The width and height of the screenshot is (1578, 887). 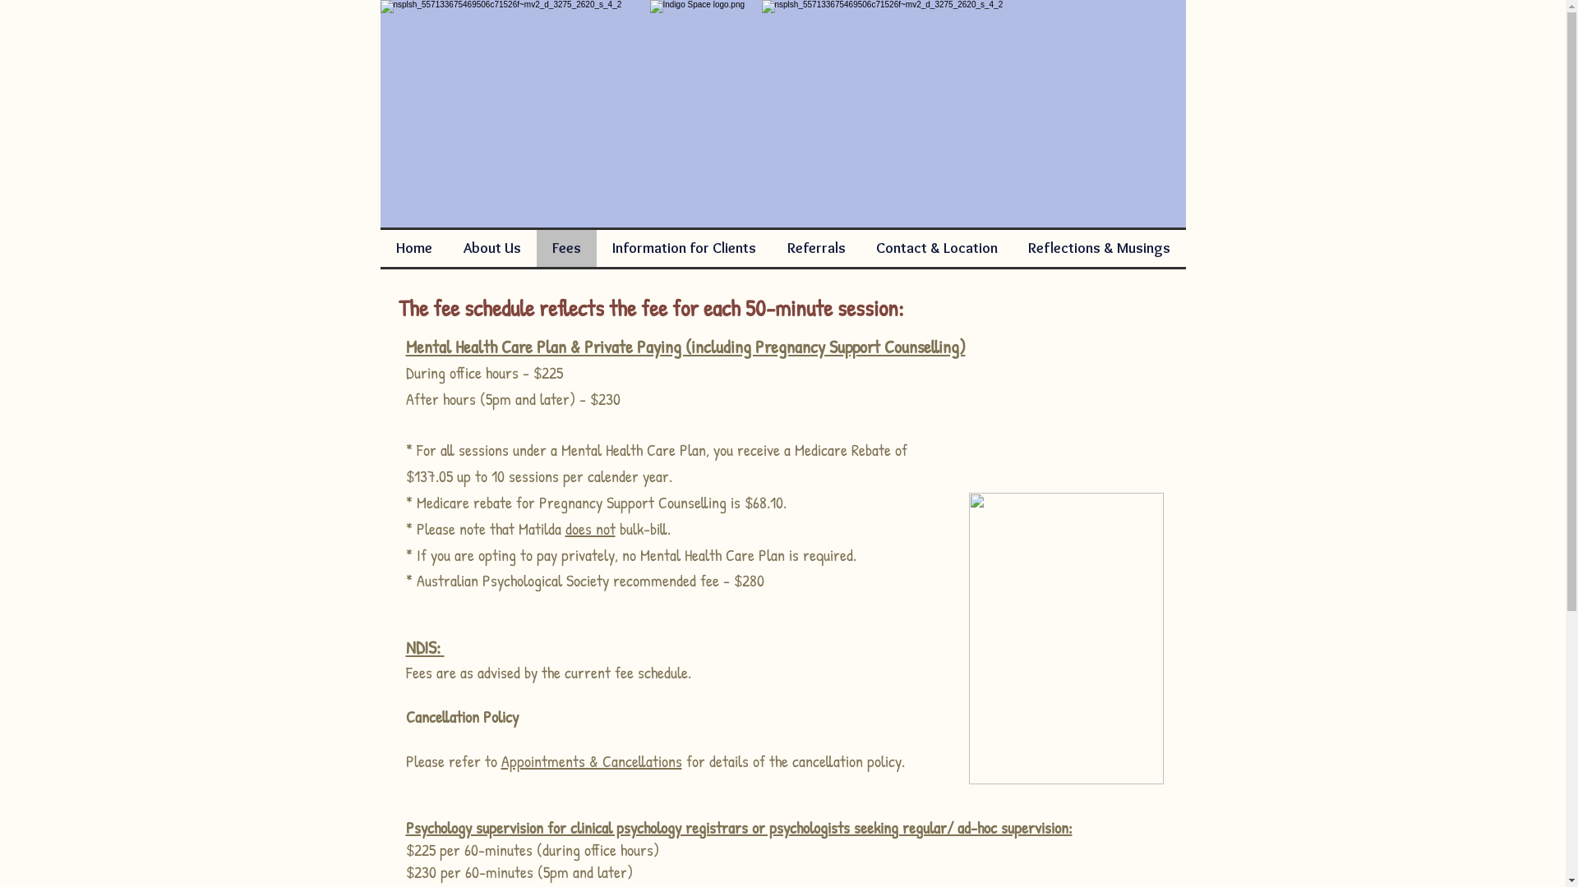 What do you see at coordinates (446, 248) in the screenshot?
I see `'About Us'` at bounding box center [446, 248].